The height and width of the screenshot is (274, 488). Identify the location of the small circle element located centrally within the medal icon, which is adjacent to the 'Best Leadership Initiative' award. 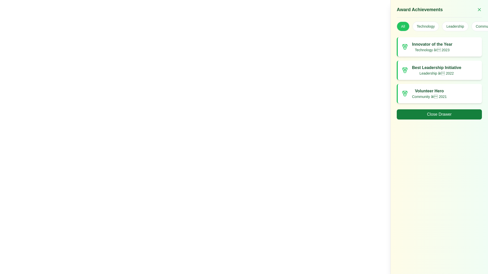
(405, 71).